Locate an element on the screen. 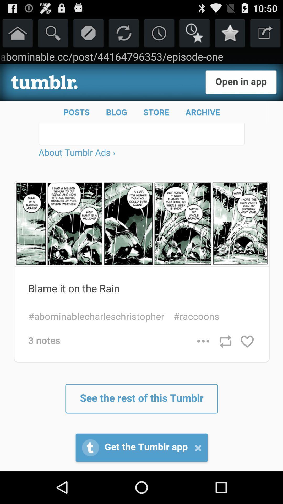 Image resolution: width=283 pixels, height=504 pixels. the search icon is located at coordinates (53, 35).